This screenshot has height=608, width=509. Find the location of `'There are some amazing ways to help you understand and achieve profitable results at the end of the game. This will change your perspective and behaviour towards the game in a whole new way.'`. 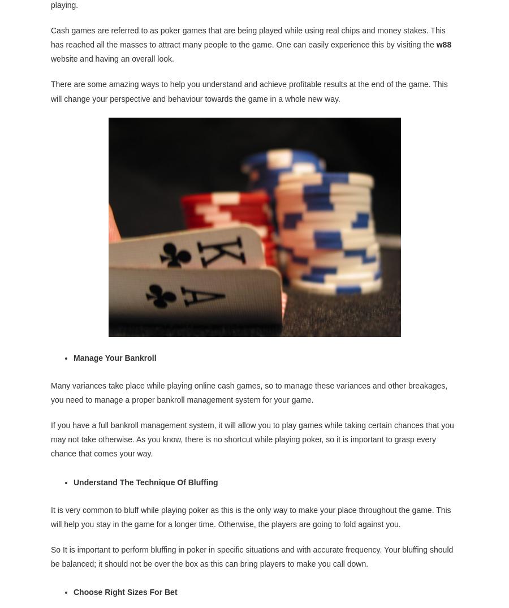

'There are some amazing ways to help you understand and achieve profitable results at the end of the game. This will change your perspective and behaviour towards the game in a whole new way.' is located at coordinates (50, 90).